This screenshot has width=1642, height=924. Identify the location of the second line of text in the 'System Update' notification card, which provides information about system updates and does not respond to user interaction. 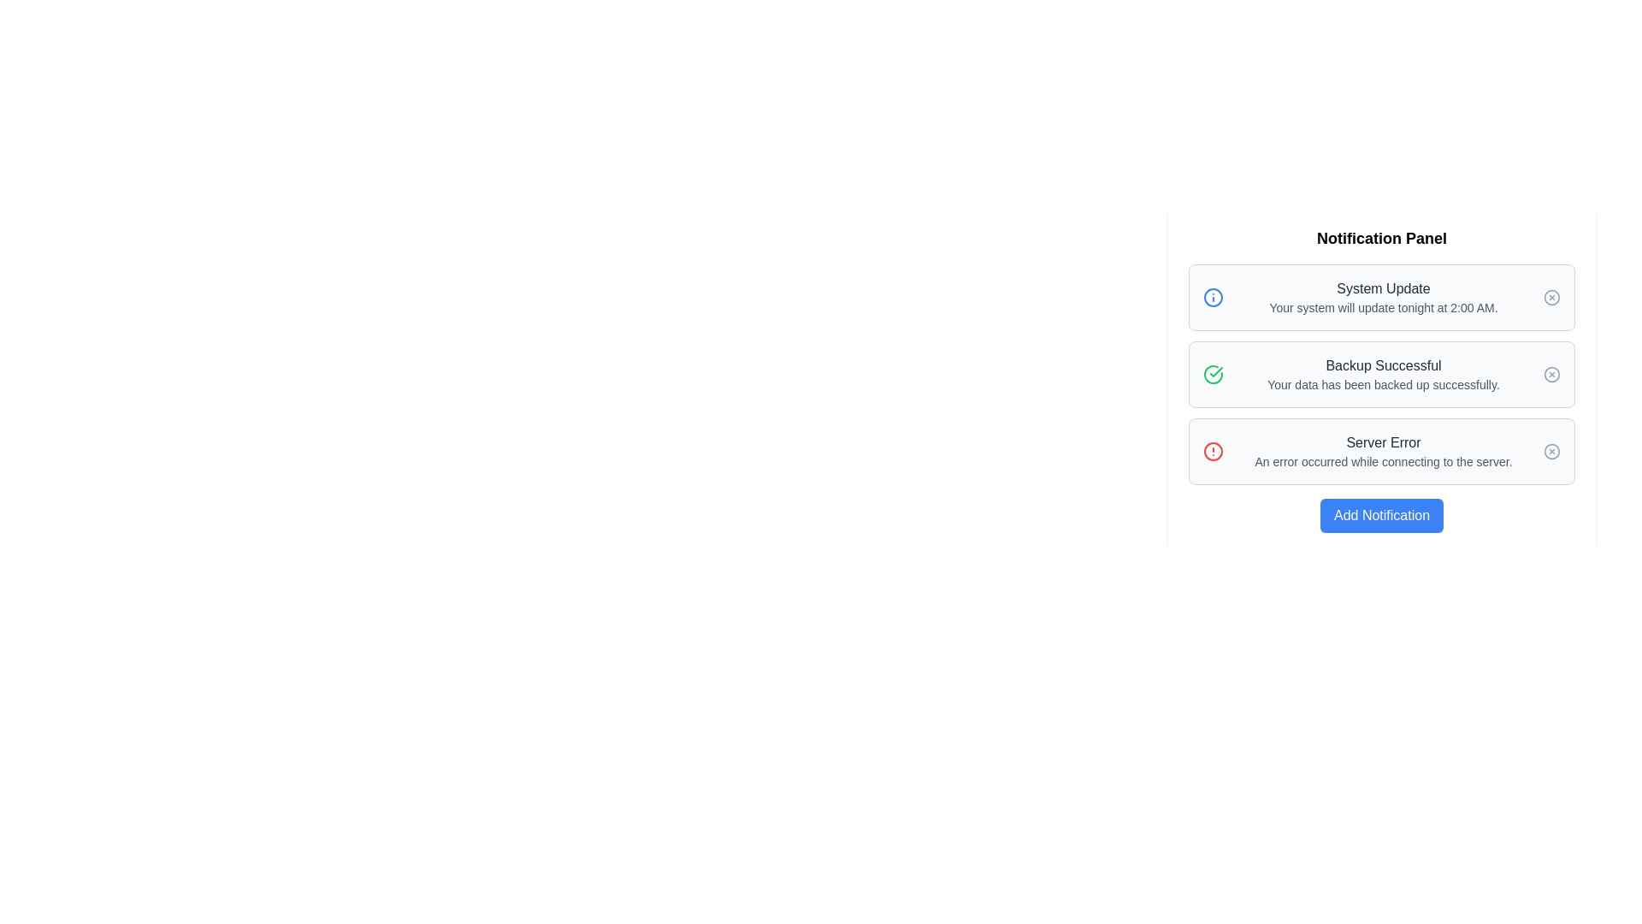
(1383, 306).